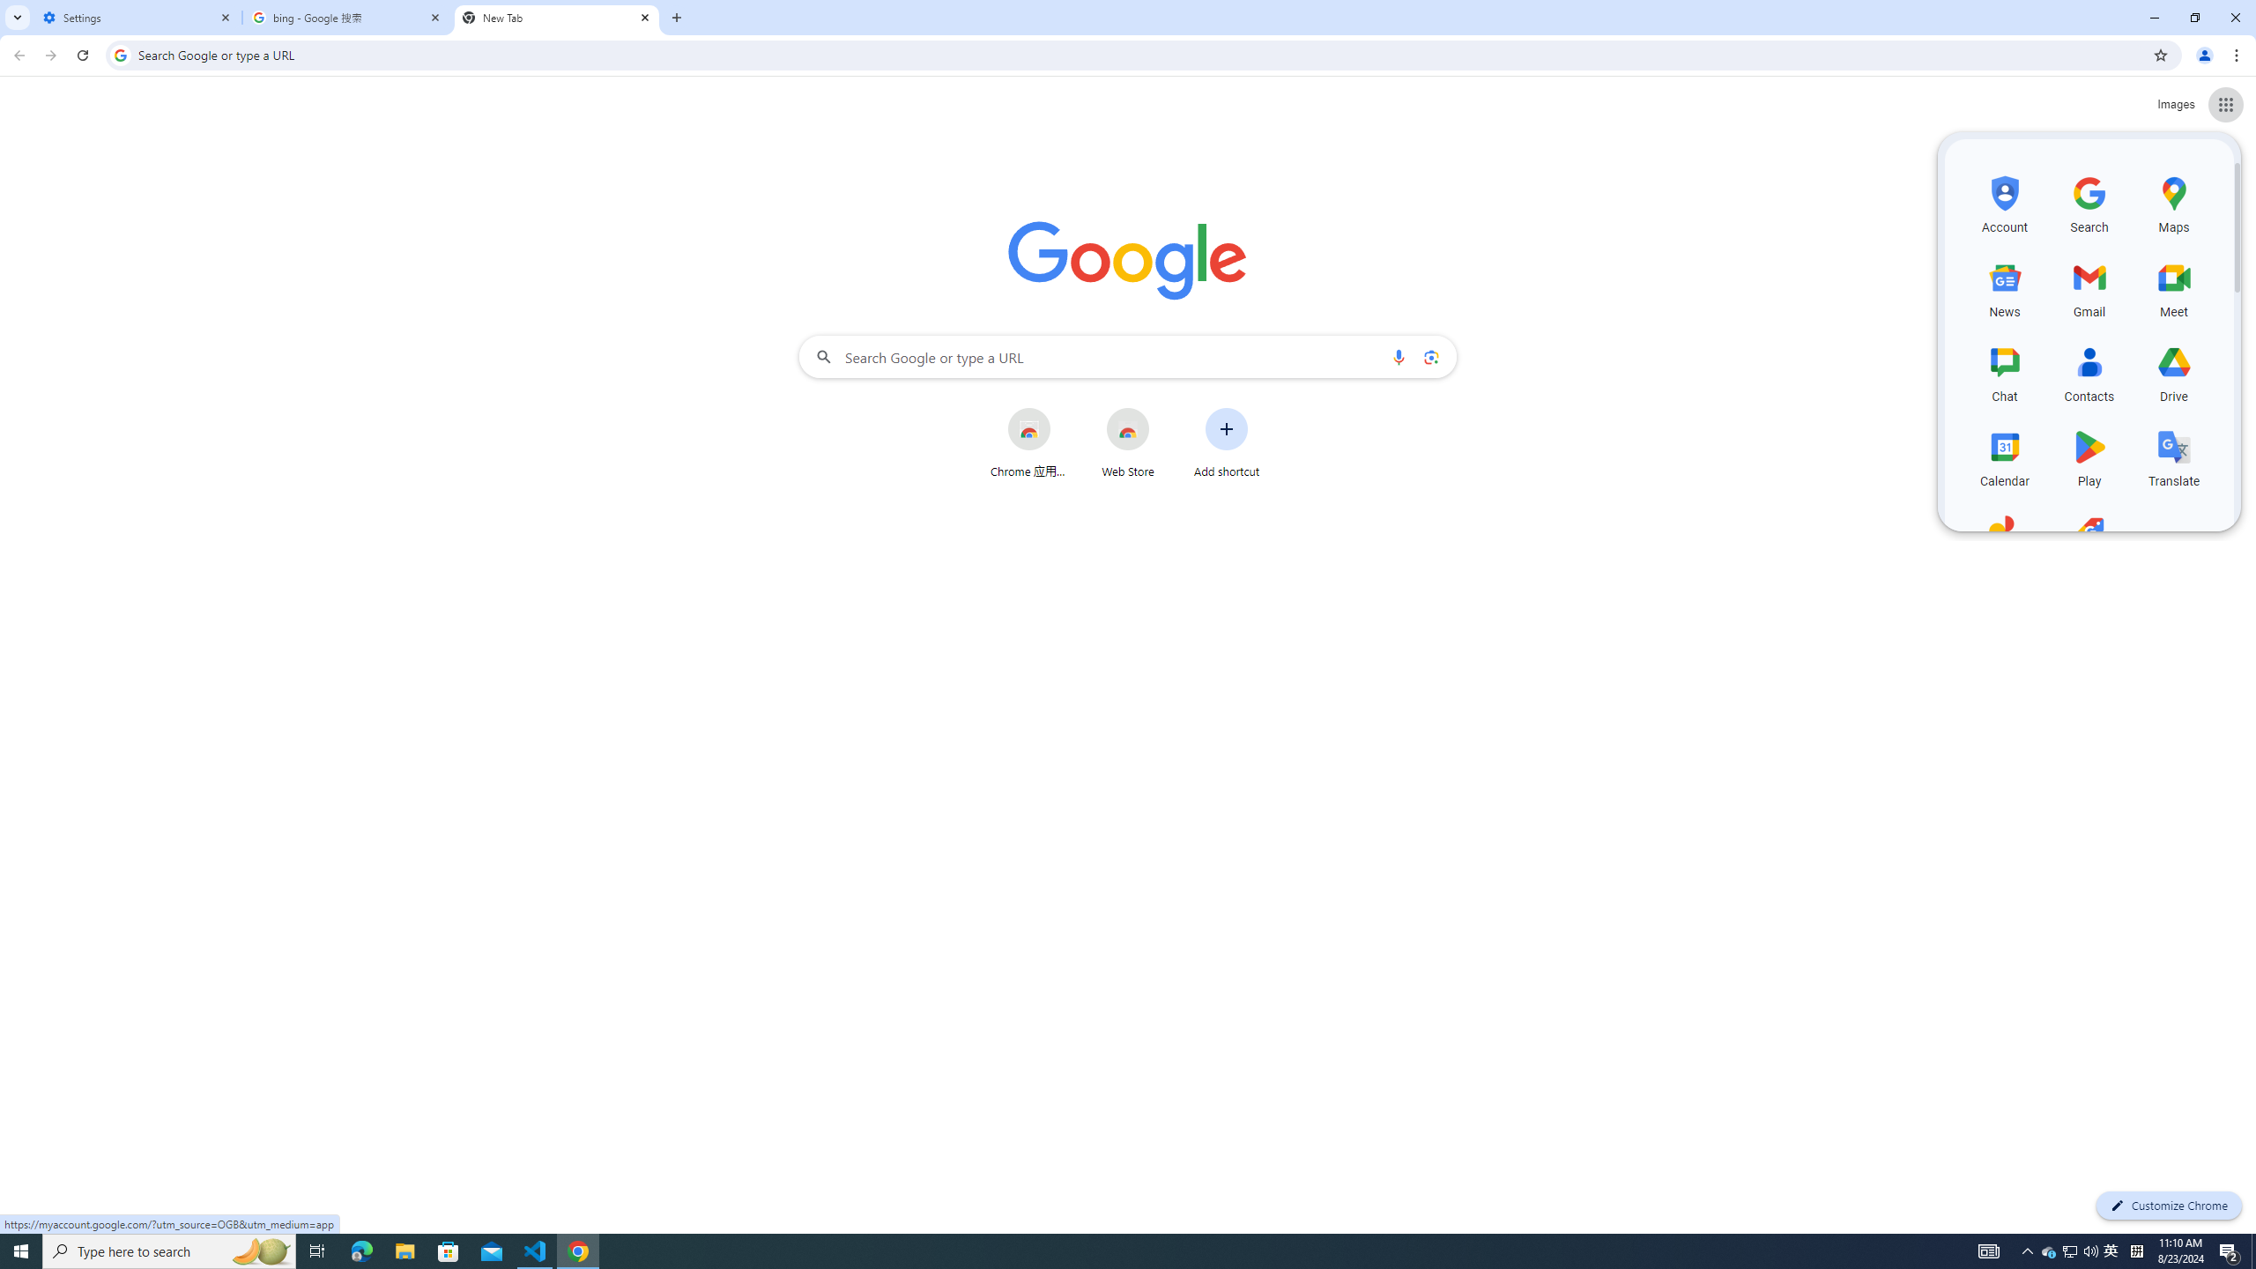 The width and height of the screenshot is (2256, 1269). What do you see at coordinates (1398, 357) in the screenshot?
I see `'Search by voice'` at bounding box center [1398, 357].